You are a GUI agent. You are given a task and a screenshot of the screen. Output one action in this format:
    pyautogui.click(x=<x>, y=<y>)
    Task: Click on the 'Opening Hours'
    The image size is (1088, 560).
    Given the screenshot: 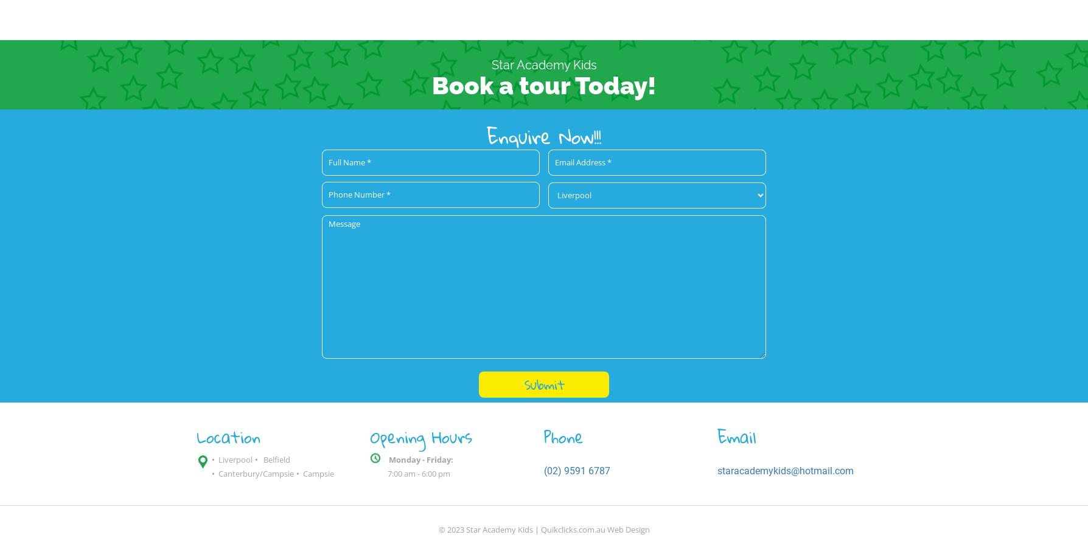 What is the action you would take?
    pyautogui.click(x=420, y=436)
    